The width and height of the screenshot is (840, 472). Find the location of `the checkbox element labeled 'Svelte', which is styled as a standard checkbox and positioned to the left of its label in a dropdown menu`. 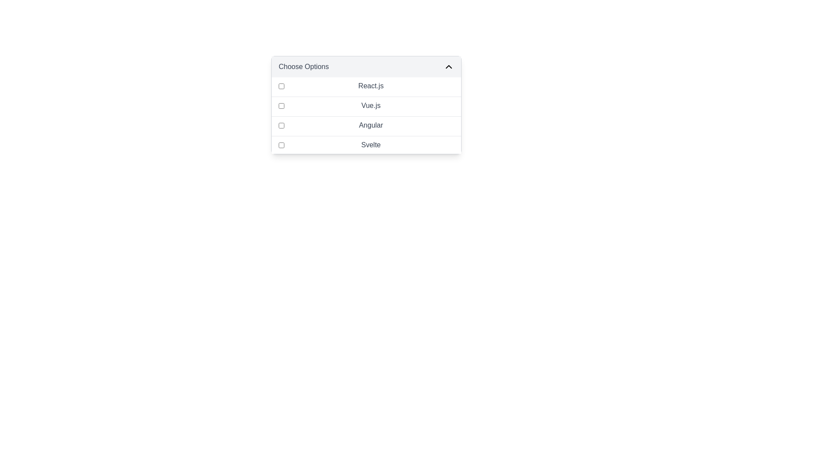

the checkbox element labeled 'Svelte', which is styled as a standard checkbox and positioned to the left of its label in a dropdown menu is located at coordinates (281, 144).